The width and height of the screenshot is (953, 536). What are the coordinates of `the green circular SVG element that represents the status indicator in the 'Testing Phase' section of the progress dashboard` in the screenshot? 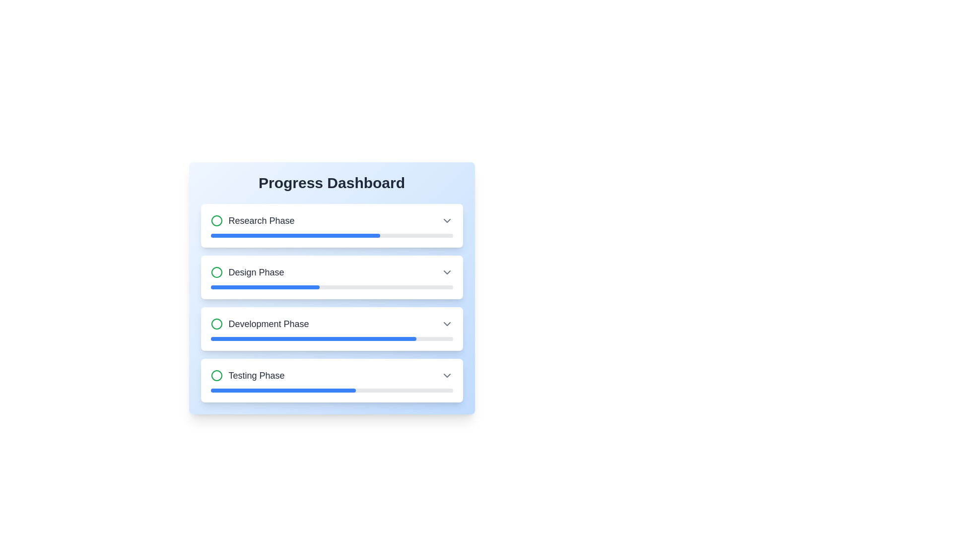 It's located at (216, 375).